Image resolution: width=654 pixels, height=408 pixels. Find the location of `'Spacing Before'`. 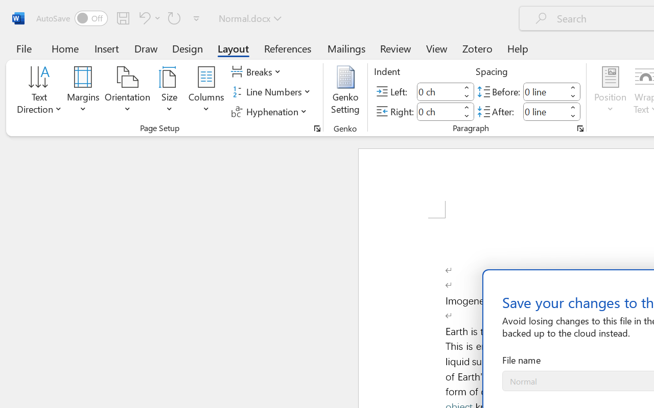

'Spacing Before' is located at coordinates (544, 91).